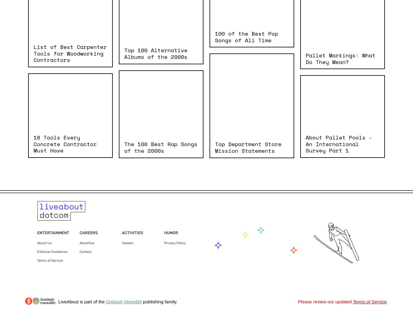 The image size is (413, 310). I want to click on '18 Tools Every Concrete Contractor Must Have', so click(65, 144).